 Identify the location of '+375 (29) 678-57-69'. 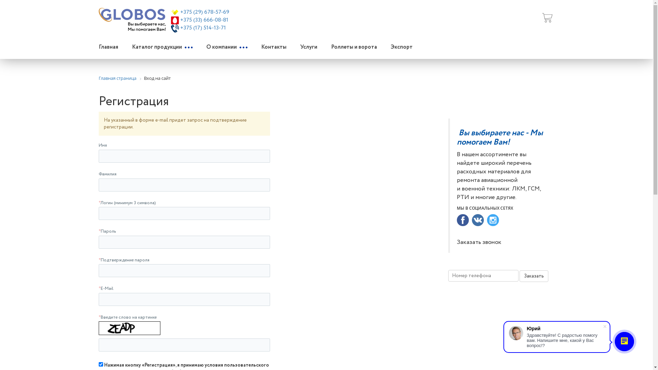
(204, 12).